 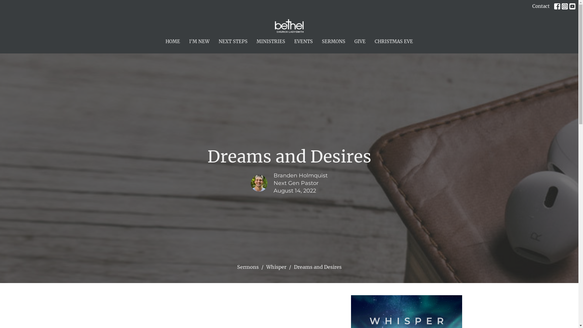 I want to click on 'EVENTS', so click(x=303, y=41).